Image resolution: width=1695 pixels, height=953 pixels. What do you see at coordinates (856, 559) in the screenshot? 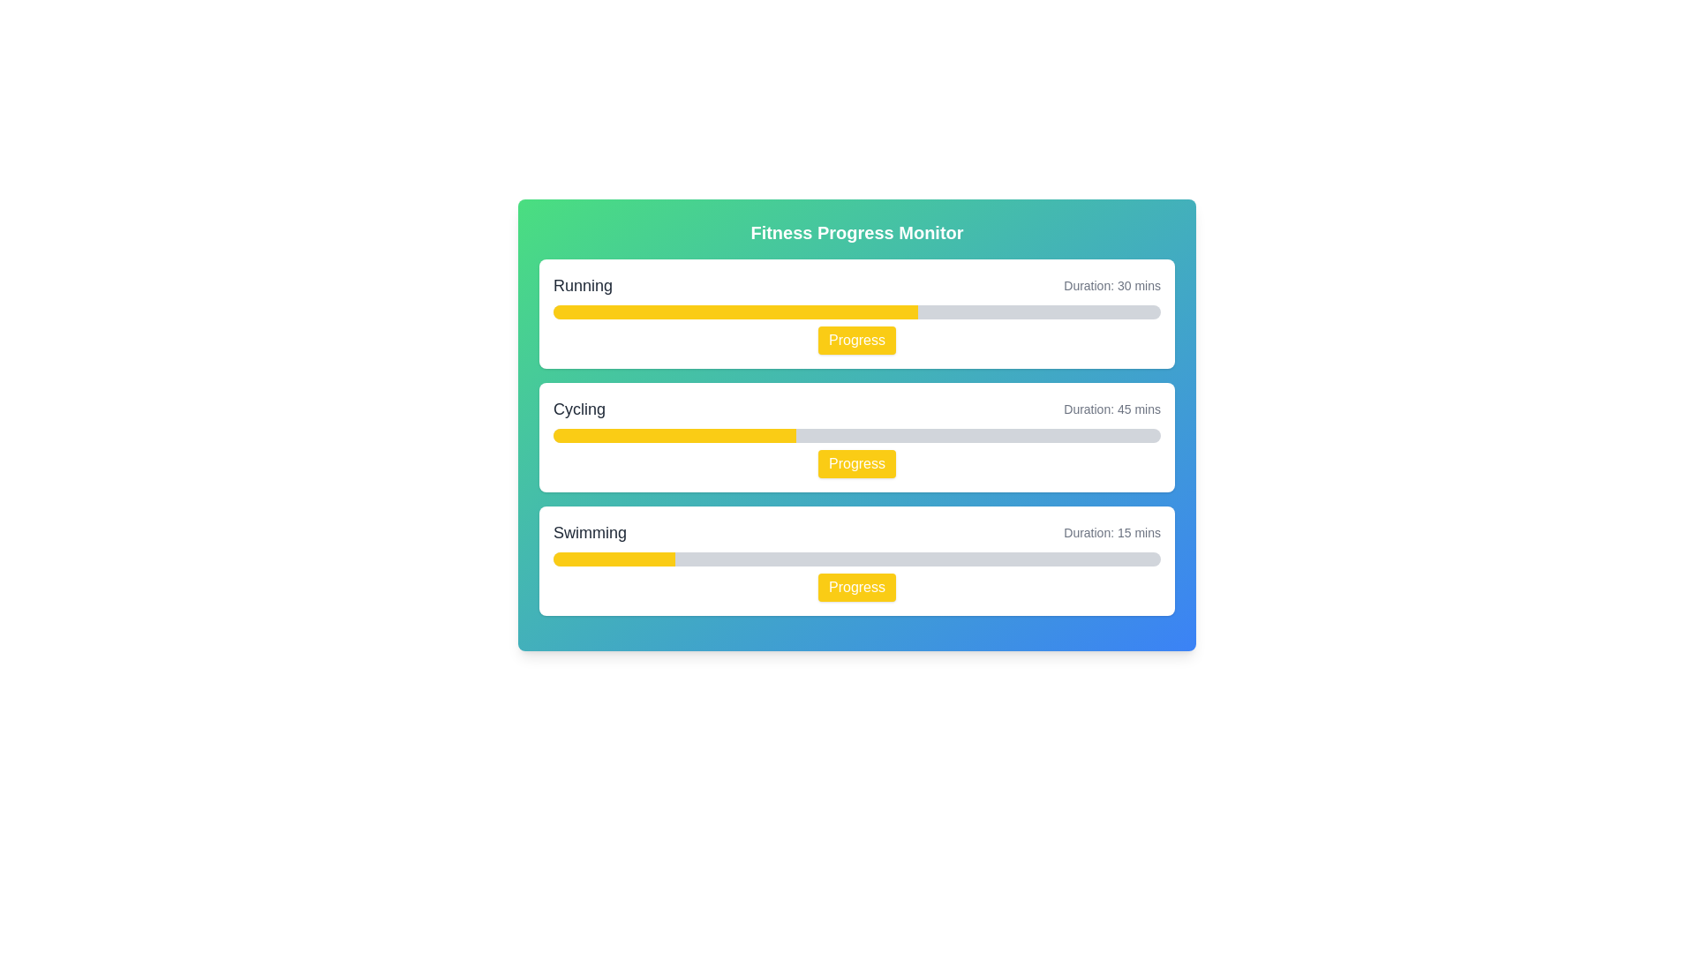
I see `the third horizontal progress bar located in the 'Swimming' activity section, styled with a gray base and yellow fill, positioned below the text 'Swimming' and 'Duration: 15 mins' and above the yellow 'Progress' button` at bounding box center [856, 559].